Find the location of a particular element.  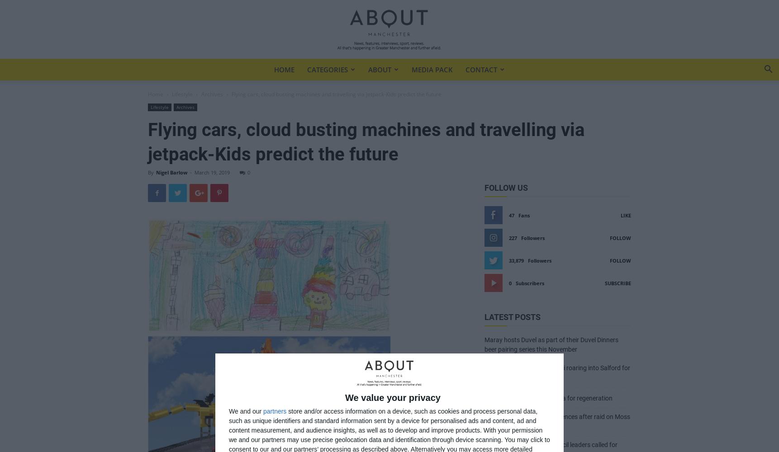

'Subscribe' is located at coordinates (618, 283).